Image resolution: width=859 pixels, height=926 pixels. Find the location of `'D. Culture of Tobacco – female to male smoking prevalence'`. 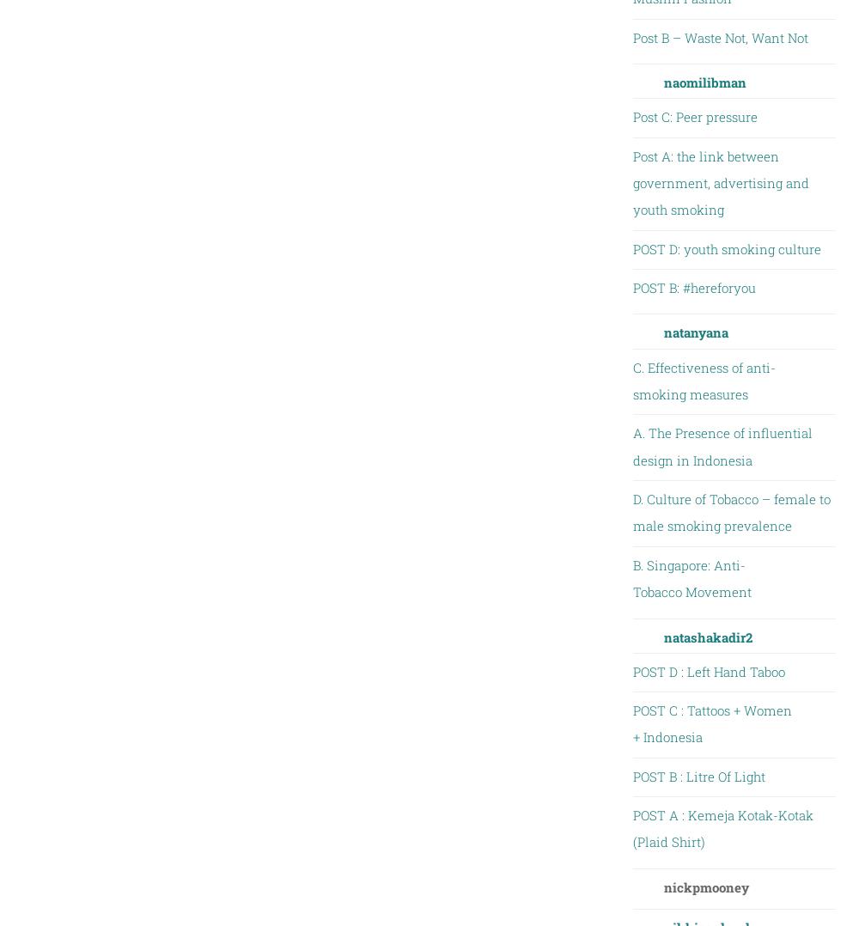

'D. Culture of Tobacco – female to male smoking prevalence' is located at coordinates (730, 512).